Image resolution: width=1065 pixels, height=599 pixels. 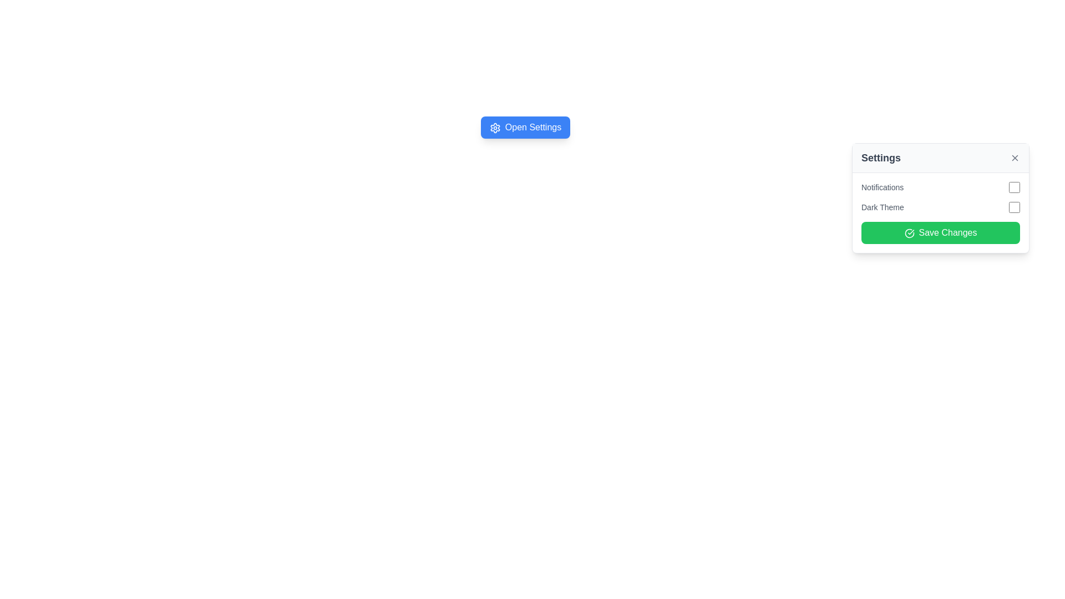 I want to click on the settings icon located within the 'Open Settings' button, positioned to the left of the text, so click(x=494, y=127).